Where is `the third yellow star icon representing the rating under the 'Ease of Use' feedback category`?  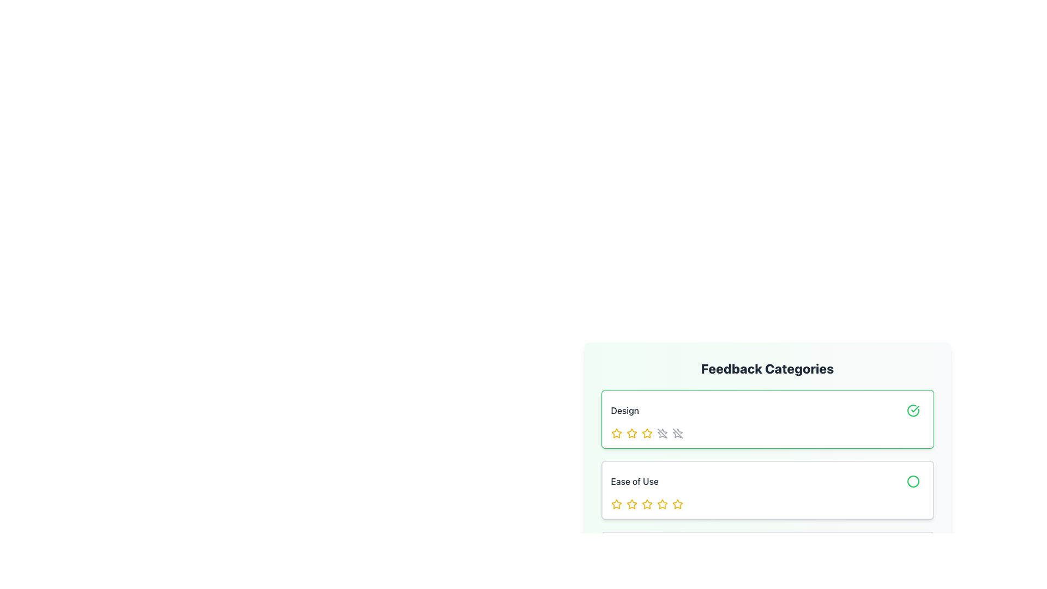 the third yellow star icon representing the rating under the 'Ease of Use' feedback category is located at coordinates (647, 504).